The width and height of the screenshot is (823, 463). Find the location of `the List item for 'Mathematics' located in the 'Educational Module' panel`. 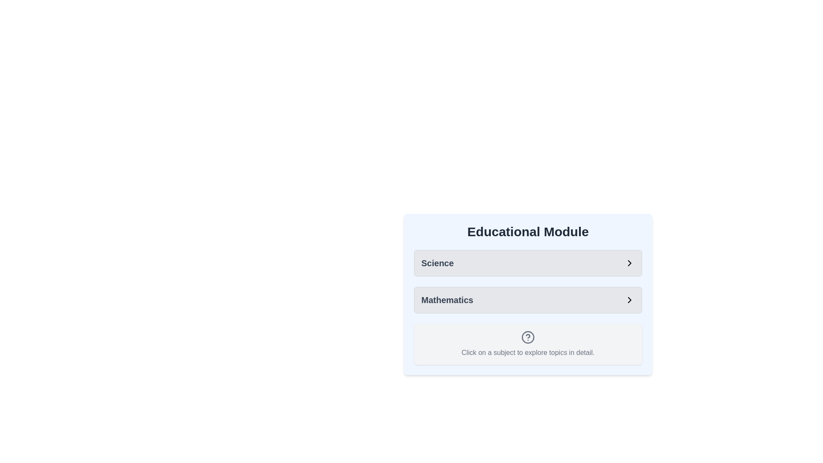

the List item for 'Mathematics' located in the 'Educational Module' panel is located at coordinates (528, 299).